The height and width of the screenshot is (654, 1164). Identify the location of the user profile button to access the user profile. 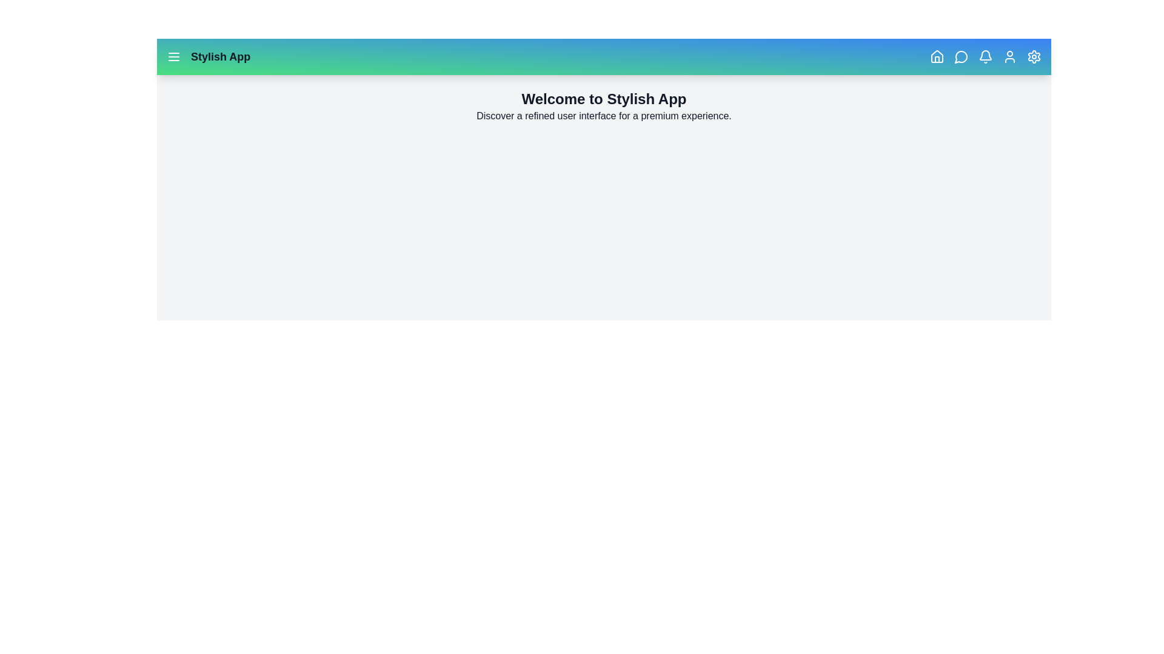
(1009, 56).